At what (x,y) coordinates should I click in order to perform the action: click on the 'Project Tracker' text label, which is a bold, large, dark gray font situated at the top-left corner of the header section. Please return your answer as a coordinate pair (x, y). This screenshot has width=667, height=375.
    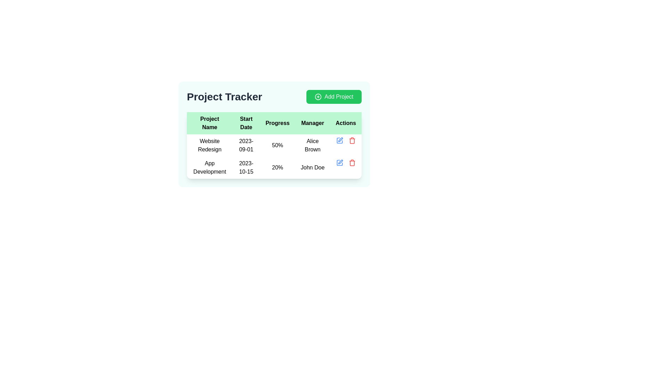
    Looking at the image, I should click on (224, 97).